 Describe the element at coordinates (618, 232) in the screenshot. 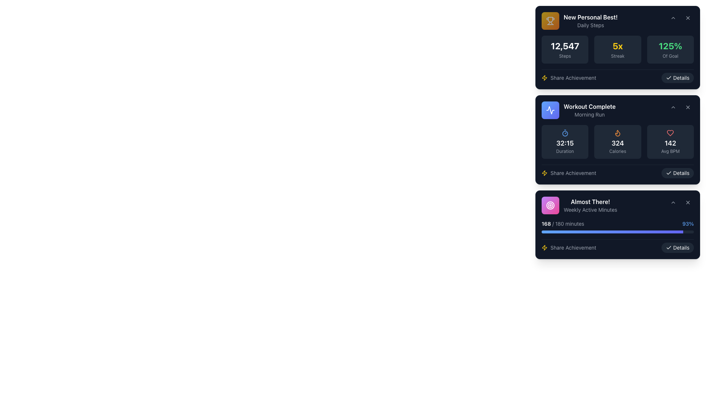

I see `the progress bar located in the bottom card titled 'Almost There!' on the rightmost column, situated below the text '168 / 180 minutes'` at that location.